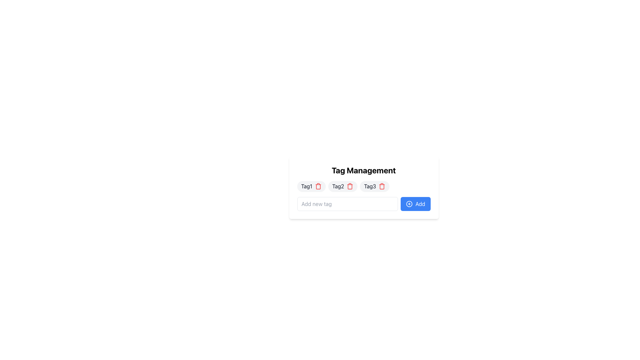  Describe the element at coordinates (382, 186) in the screenshot. I see `the delete button located at the far right of the tag labeled 'Tag3'` at that location.